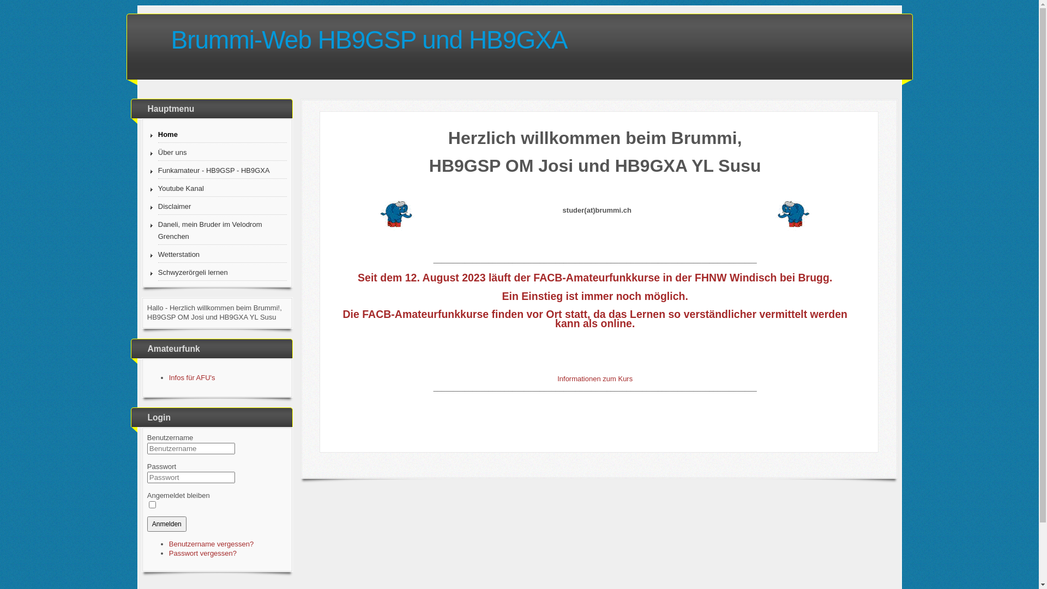 This screenshot has width=1047, height=589. I want to click on 'Seit', so click(367, 277).